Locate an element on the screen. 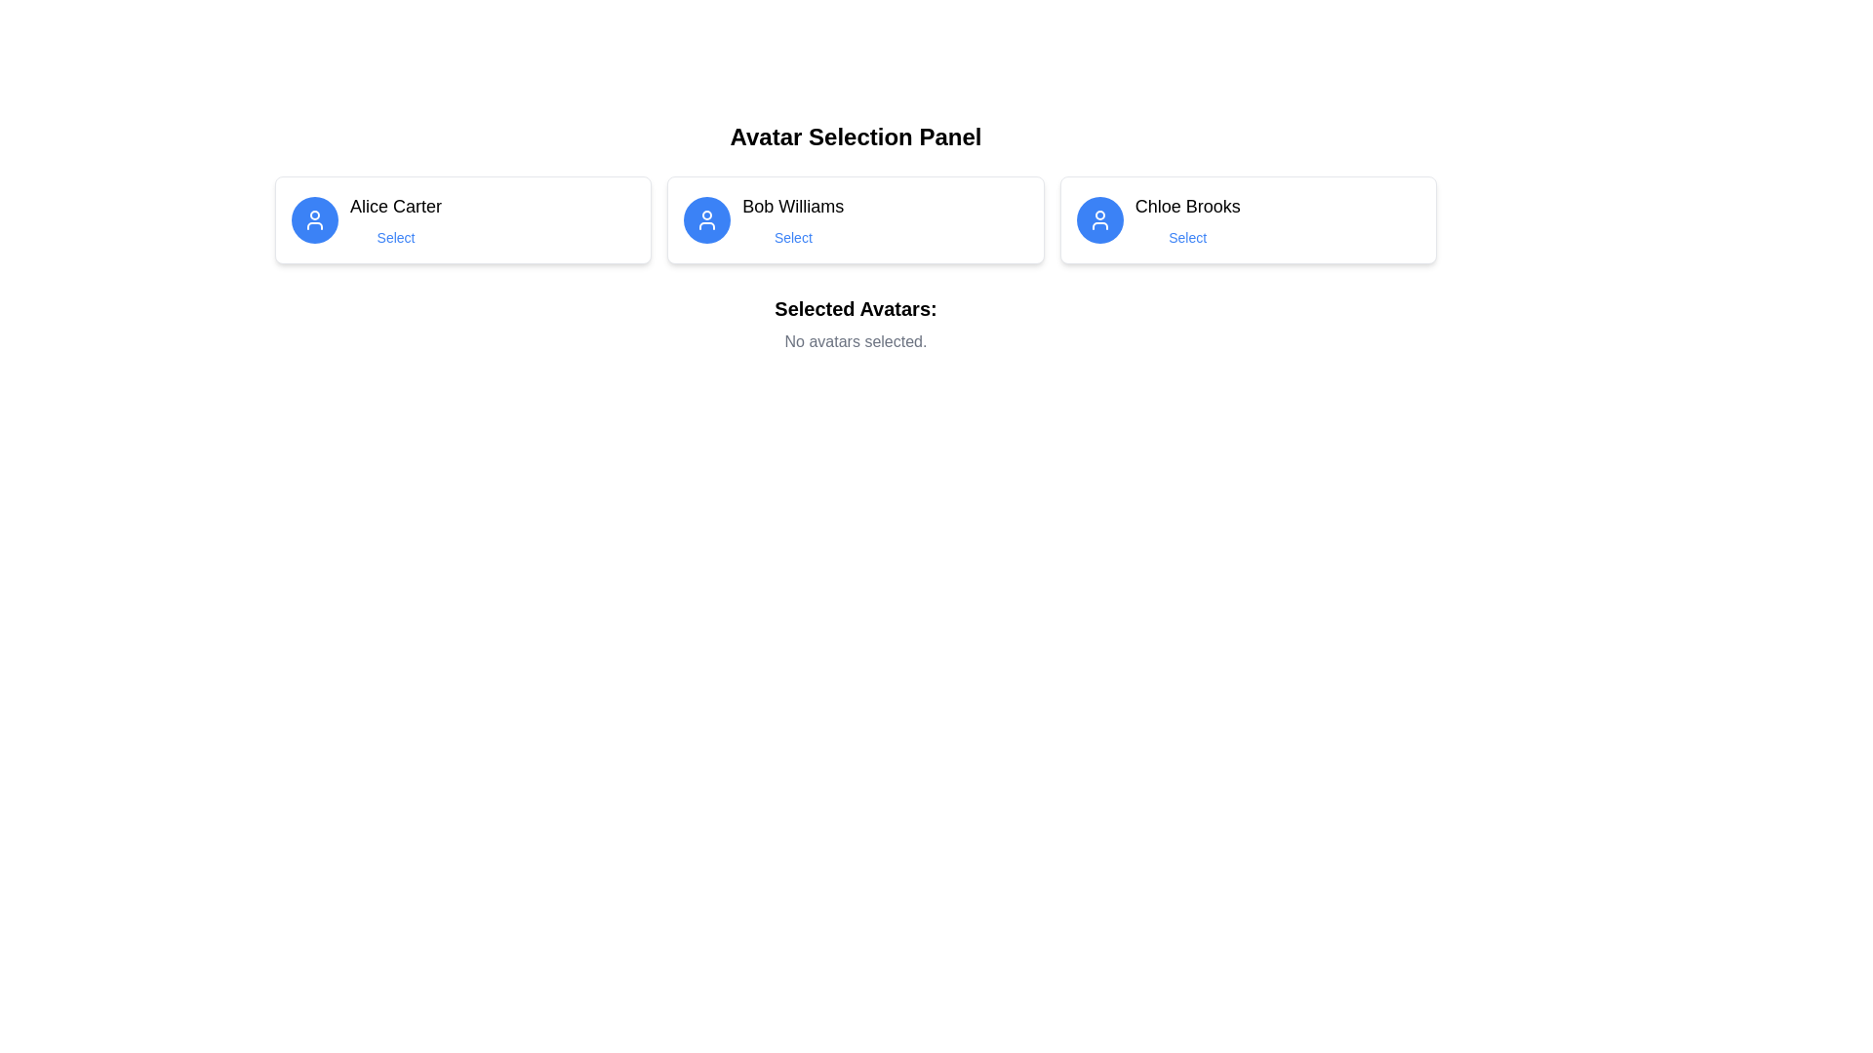  text label that informs users that no avatars have been selected yet, located centrally in the viewport below the heading 'Selected Avatars:' is located at coordinates (856, 341).